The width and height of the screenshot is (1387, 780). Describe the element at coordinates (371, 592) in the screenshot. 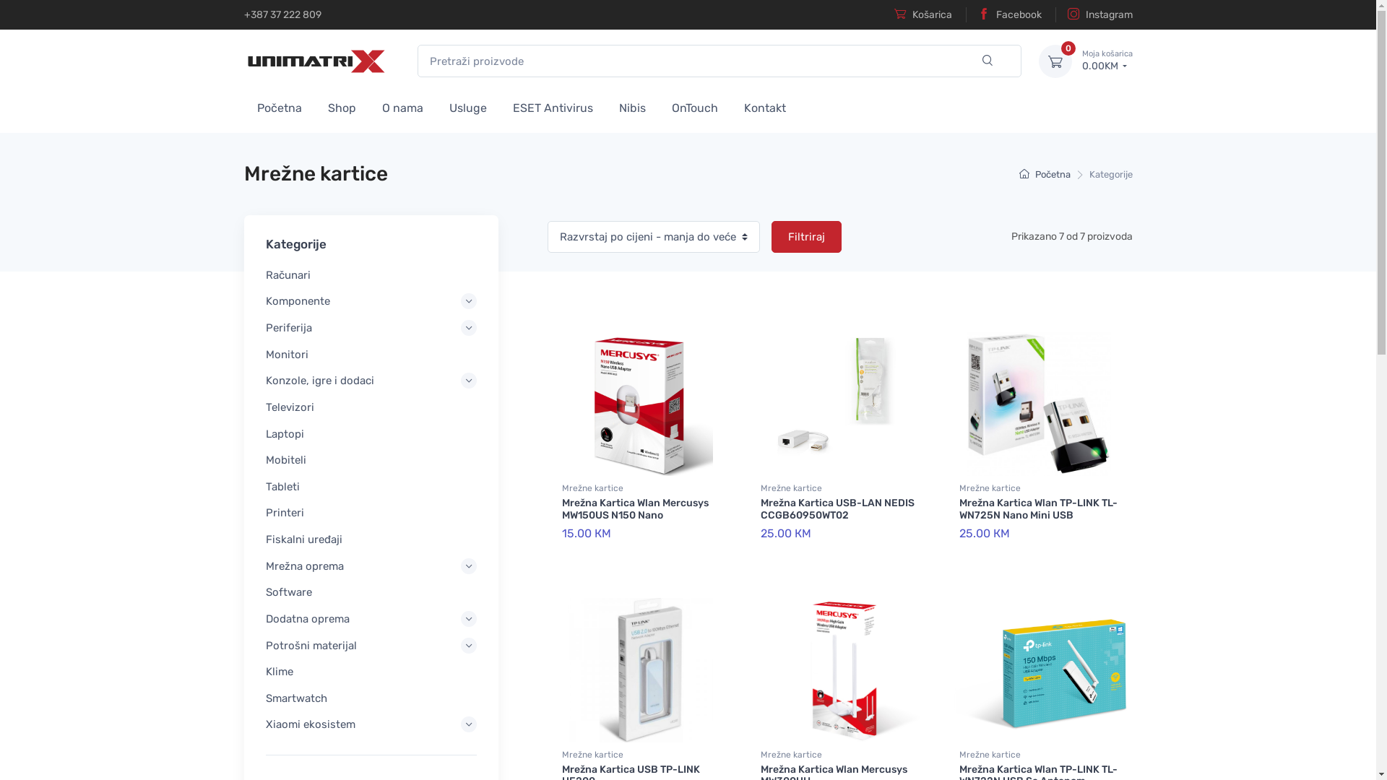

I see `'Software'` at that location.